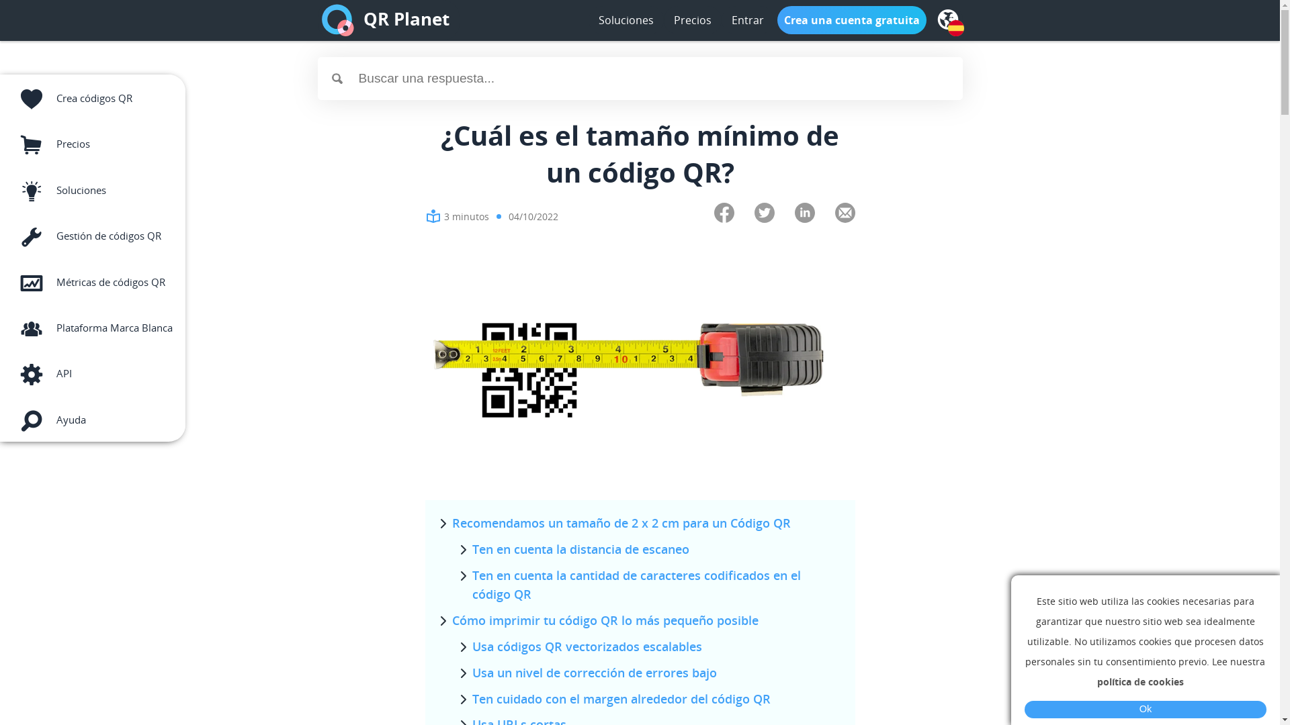 This screenshot has height=725, width=1290. What do you see at coordinates (1144, 708) in the screenshot?
I see `'Ok'` at bounding box center [1144, 708].